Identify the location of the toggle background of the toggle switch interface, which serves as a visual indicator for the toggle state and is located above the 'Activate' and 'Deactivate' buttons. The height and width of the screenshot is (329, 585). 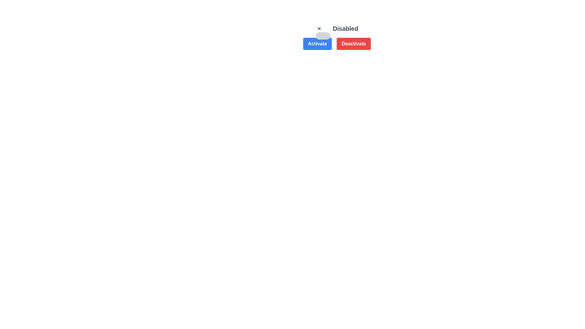
(323, 36).